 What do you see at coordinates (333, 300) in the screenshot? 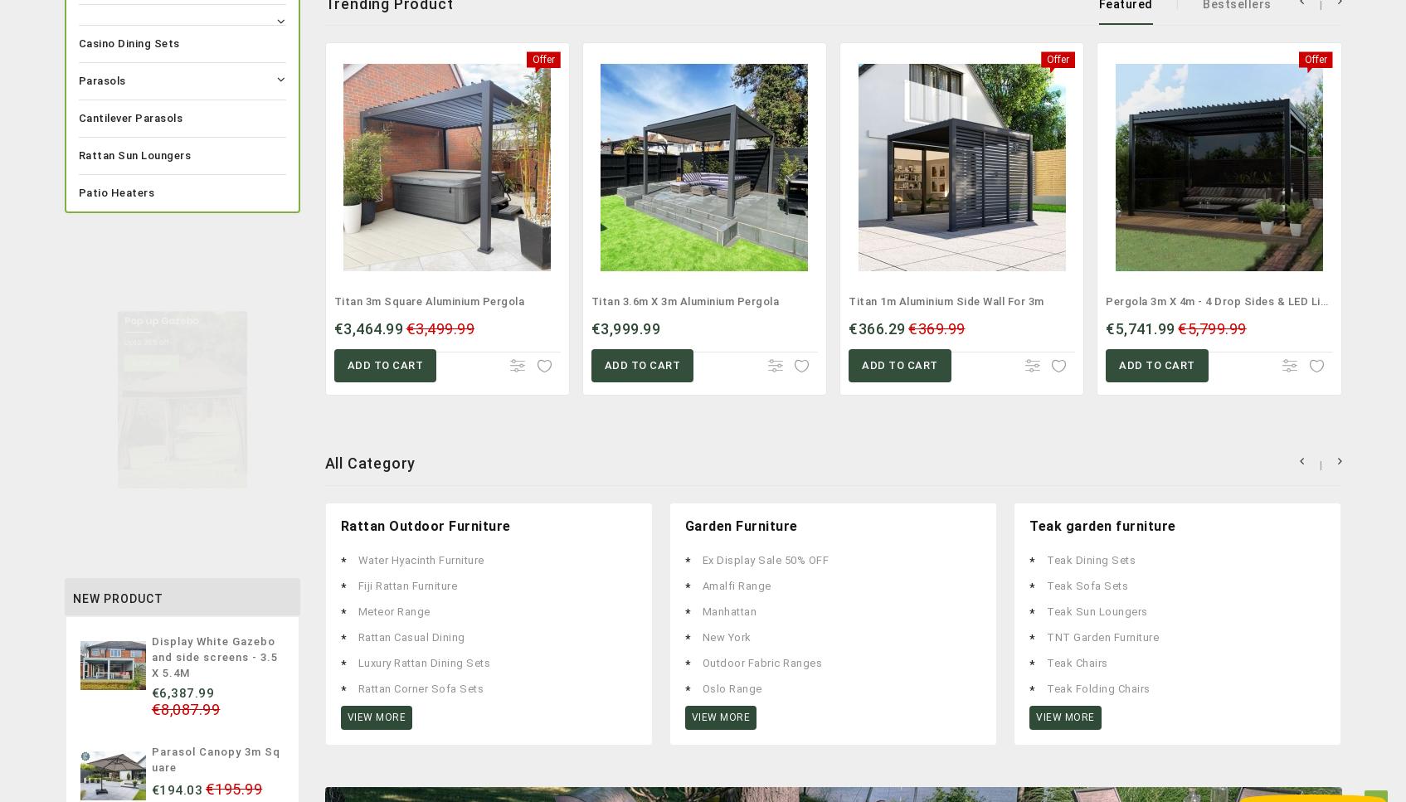
I see `'Titan 3m Square Aluminium Pergola'` at bounding box center [333, 300].